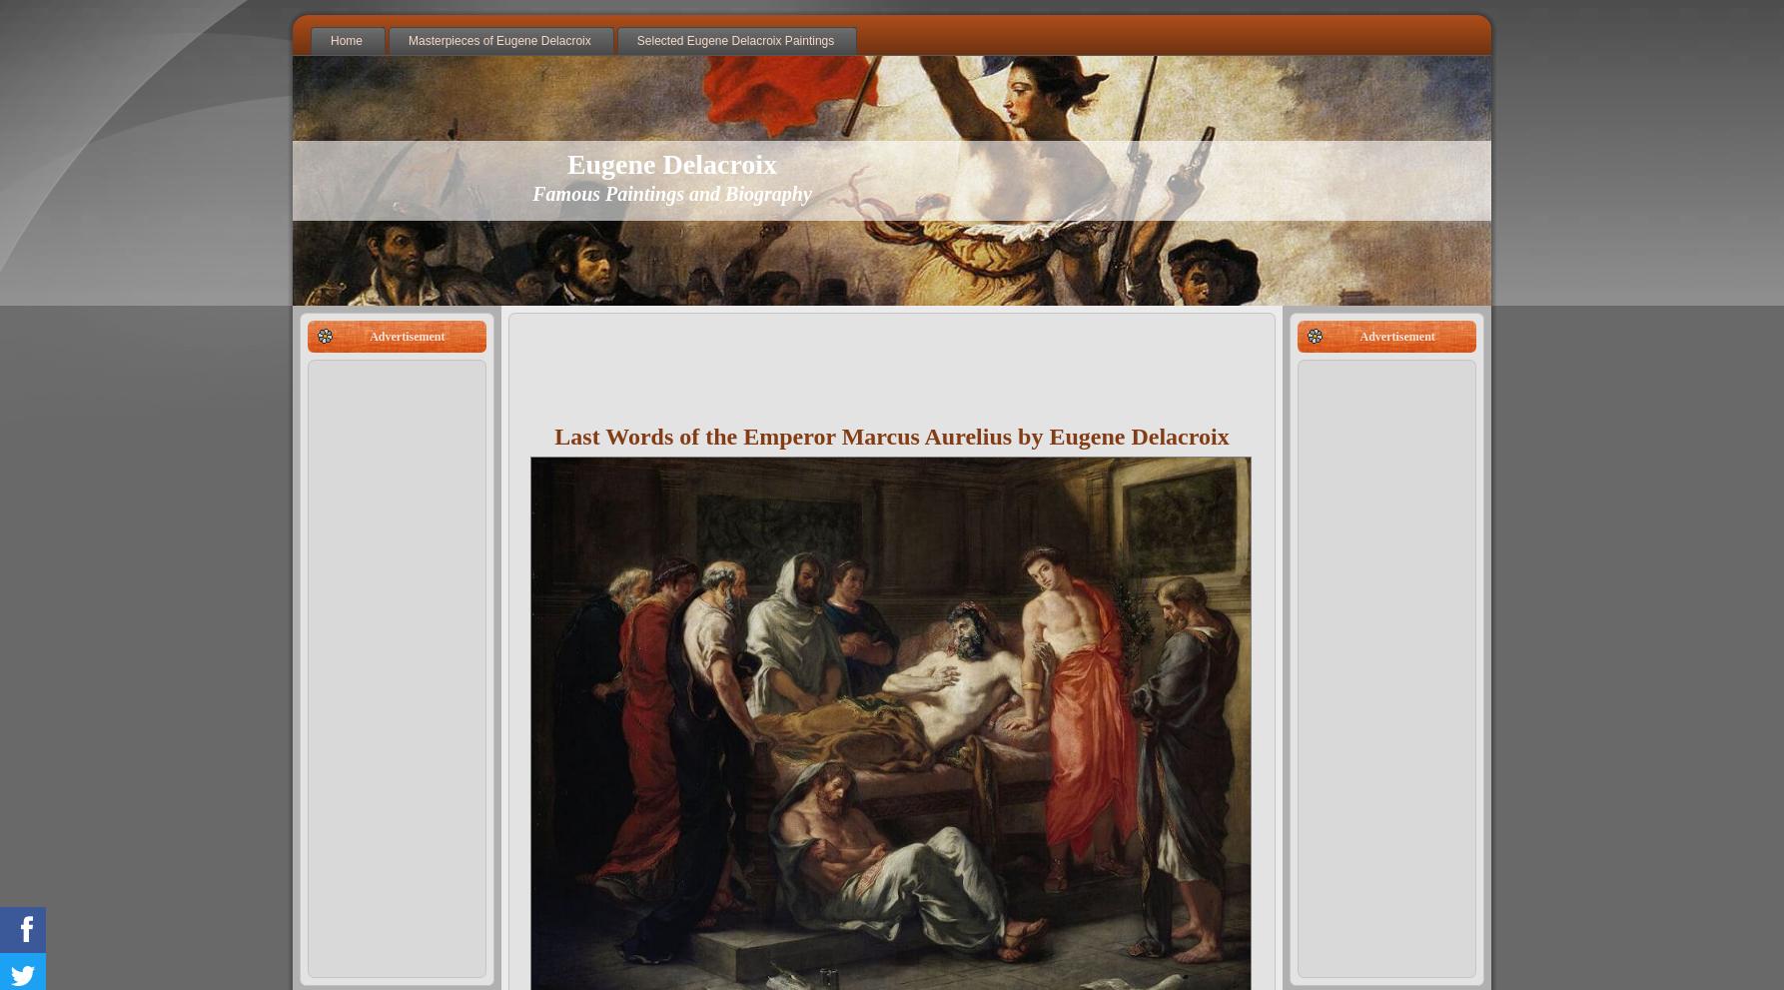 This screenshot has width=1784, height=990. Describe the element at coordinates (671, 193) in the screenshot. I see `'Famous Paintings and Biography'` at that location.